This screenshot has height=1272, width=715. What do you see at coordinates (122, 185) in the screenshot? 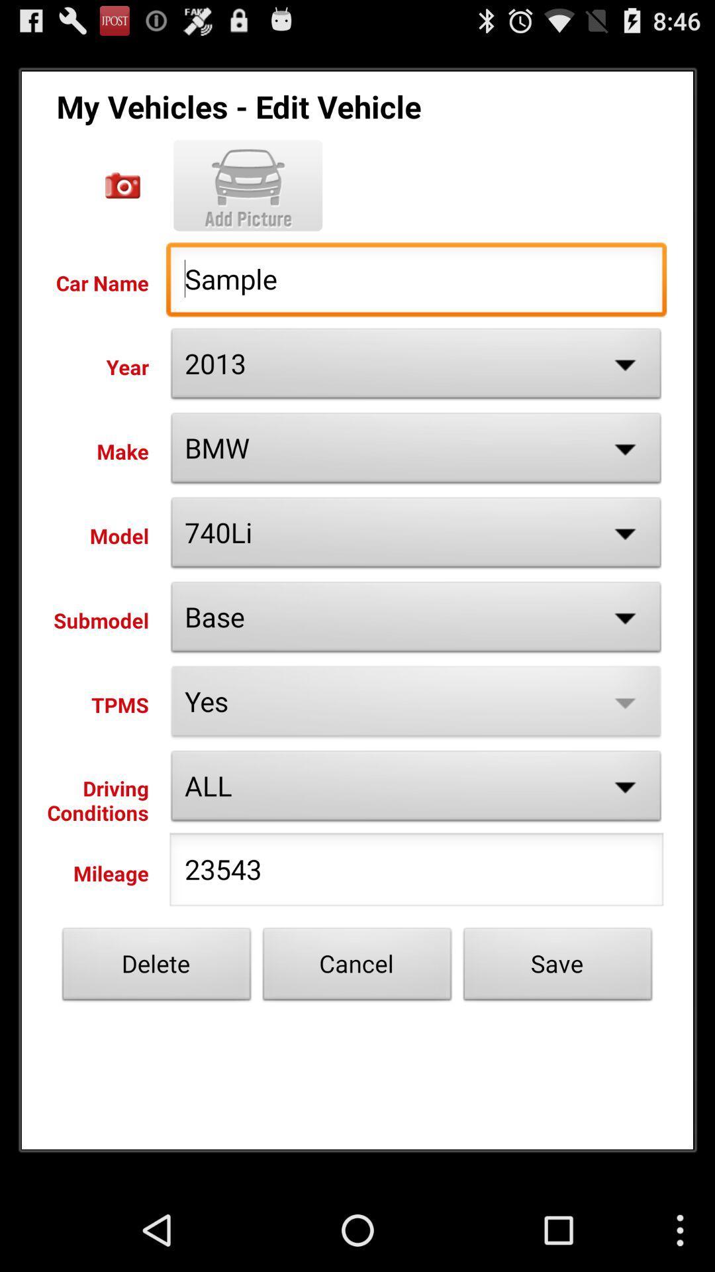
I see `photo` at bounding box center [122, 185].